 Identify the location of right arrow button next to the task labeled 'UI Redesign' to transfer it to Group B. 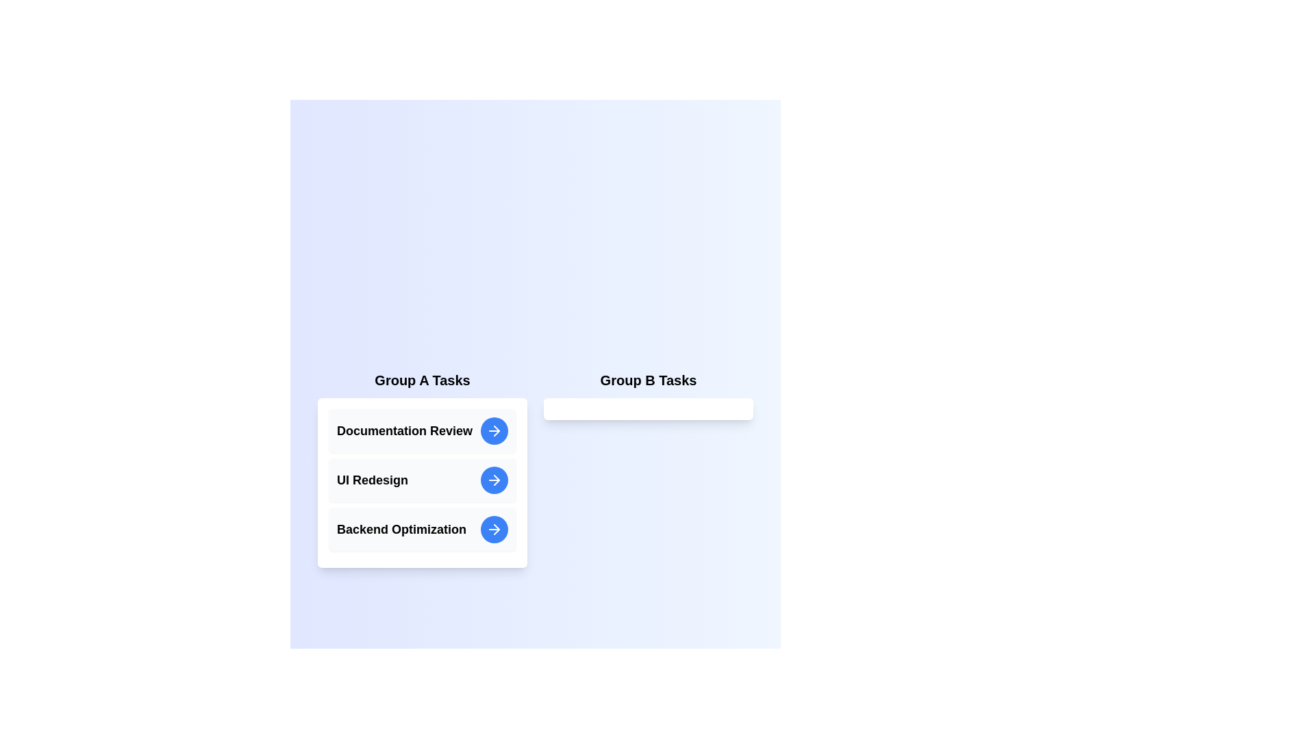
(493, 480).